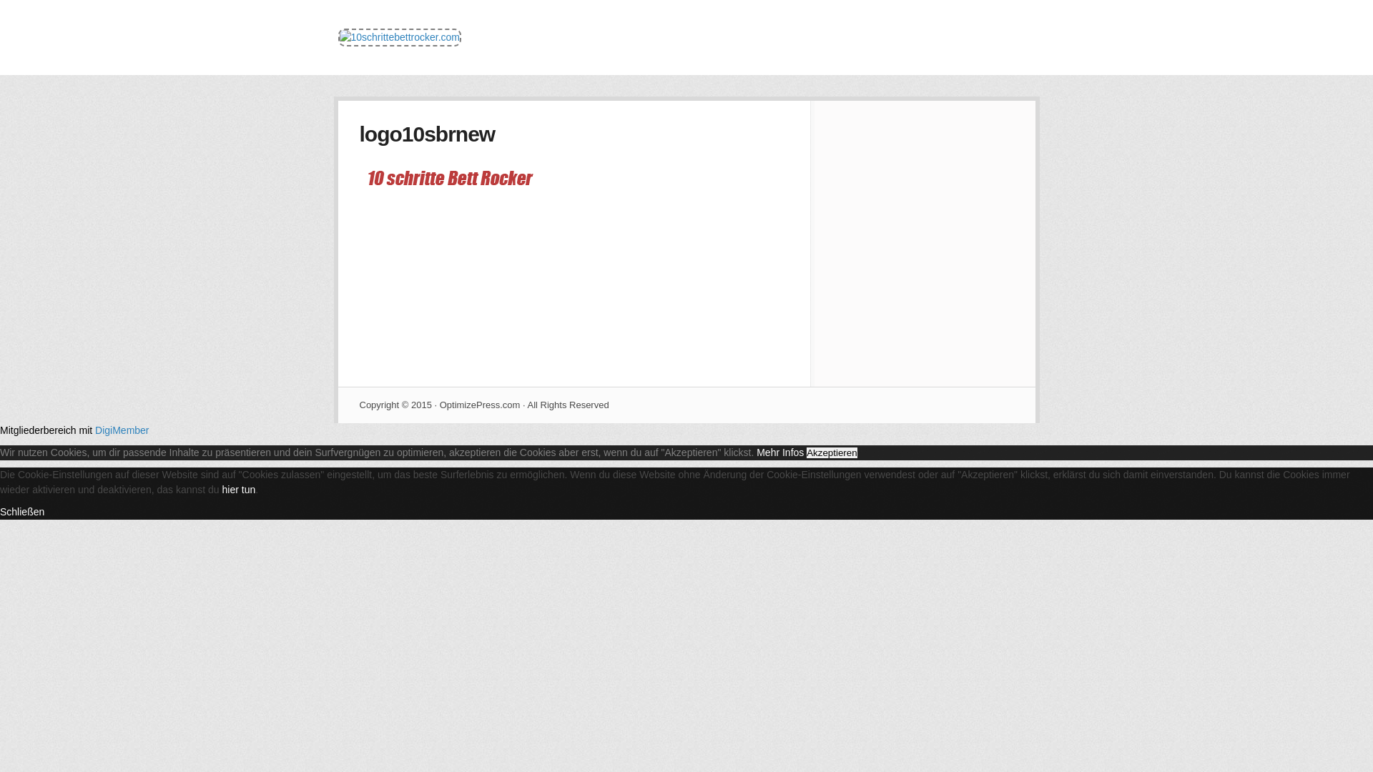 The height and width of the screenshot is (772, 1373). I want to click on 'hier tun', so click(239, 489).